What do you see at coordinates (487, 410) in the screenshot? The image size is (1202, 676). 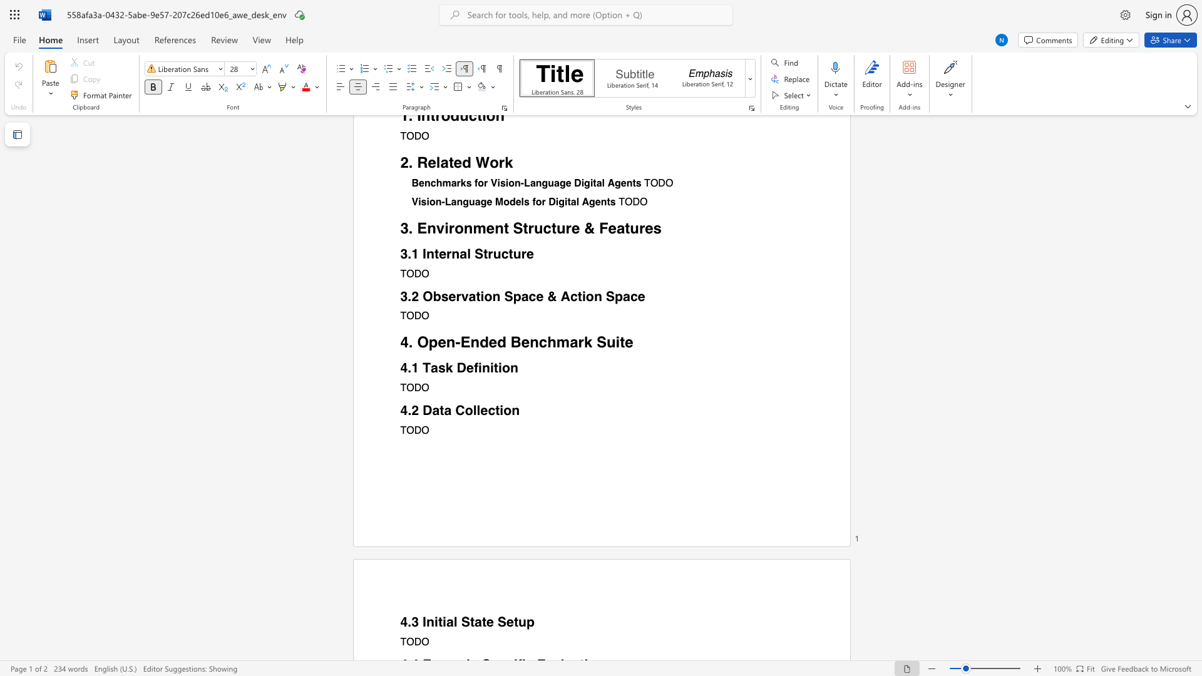 I see `the subset text "cti" within the text "Data Collection"` at bounding box center [487, 410].